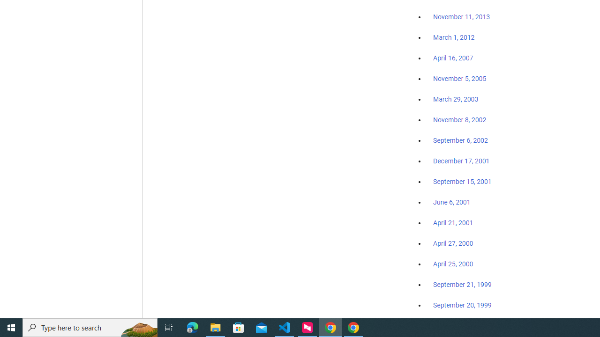 The width and height of the screenshot is (600, 337). Describe the element at coordinates (462, 305) in the screenshot. I see `'September 20, 1999'` at that location.